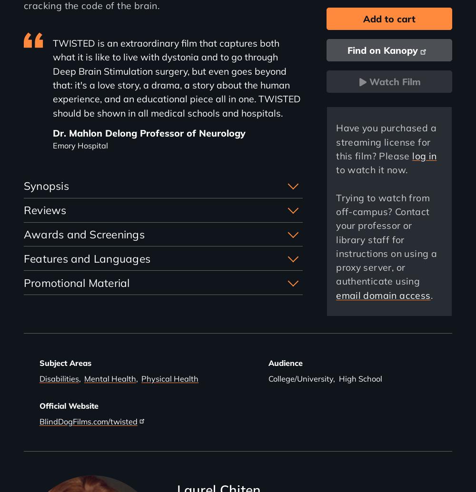 The height and width of the screenshot is (492, 476). Describe the element at coordinates (80, 145) in the screenshot. I see `'Emory Hospital'` at that location.